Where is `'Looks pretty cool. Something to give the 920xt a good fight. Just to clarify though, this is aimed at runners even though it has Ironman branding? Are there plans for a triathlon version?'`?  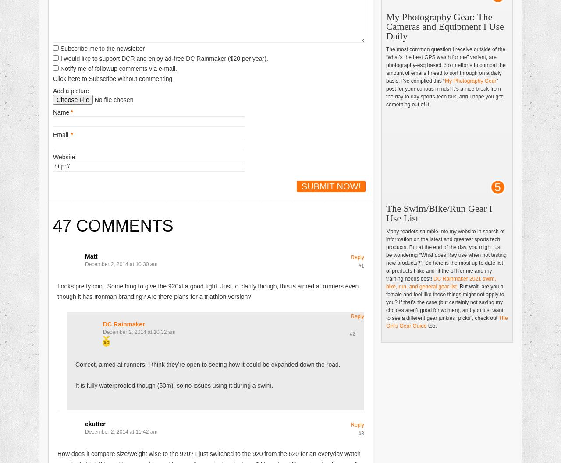
'Looks pretty cool. Something to give the 920xt a good fight. Just to clarify though, this is aimed at runners even though it has Ironman branding? Are there plans for a triathlon version?' is located at coordinates (207, 290).